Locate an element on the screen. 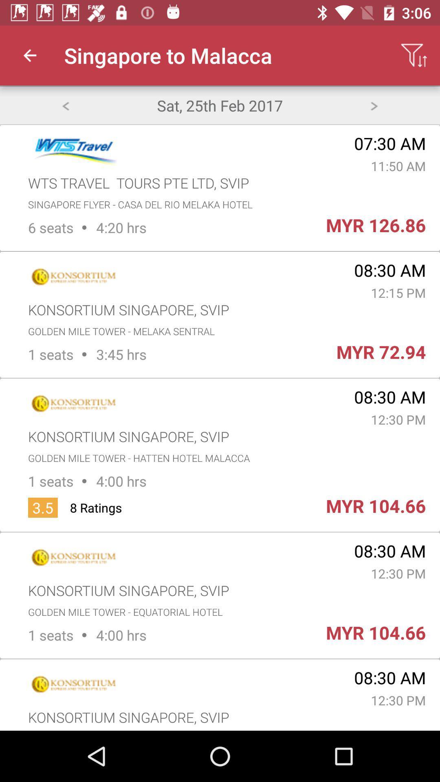  return to previous page is located at coordinates (65, 105).